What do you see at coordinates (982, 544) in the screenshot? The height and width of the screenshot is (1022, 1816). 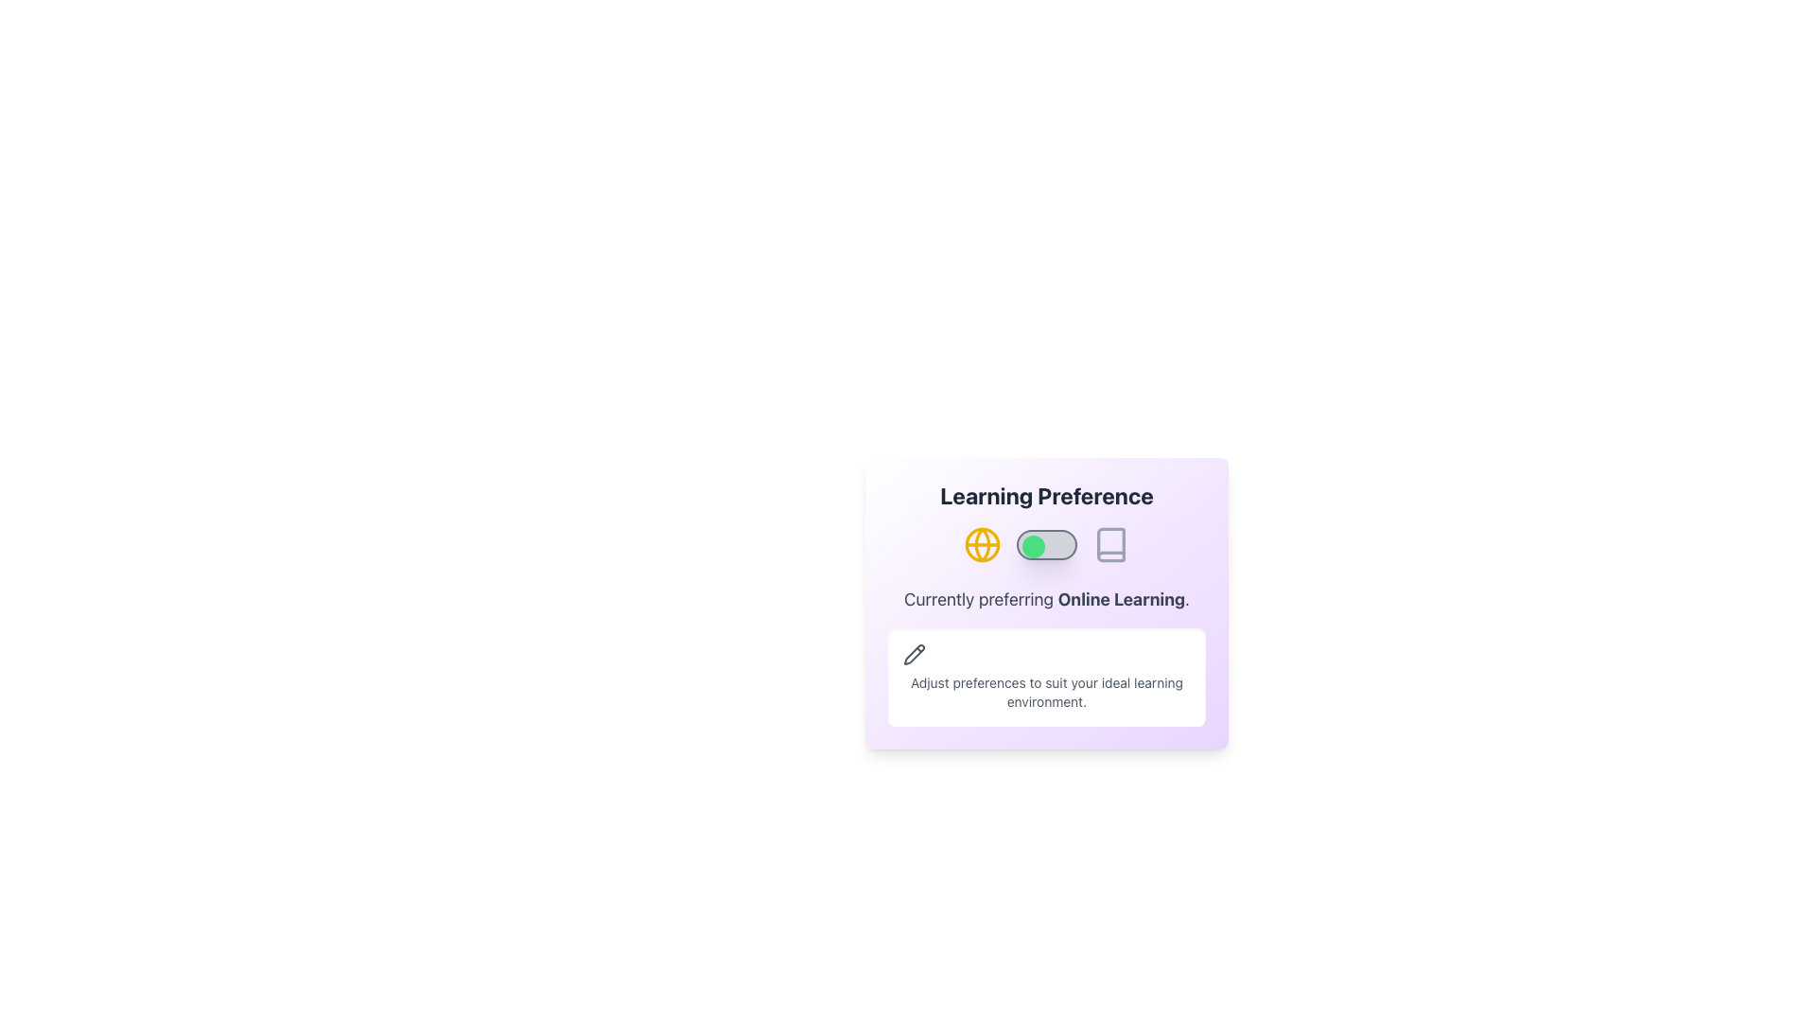 I see `the circular globe icon with a yellow color and grid structure, located to the left of the green toggle switch in the 'Learning Preference' section` at bounding box center [982, 544].